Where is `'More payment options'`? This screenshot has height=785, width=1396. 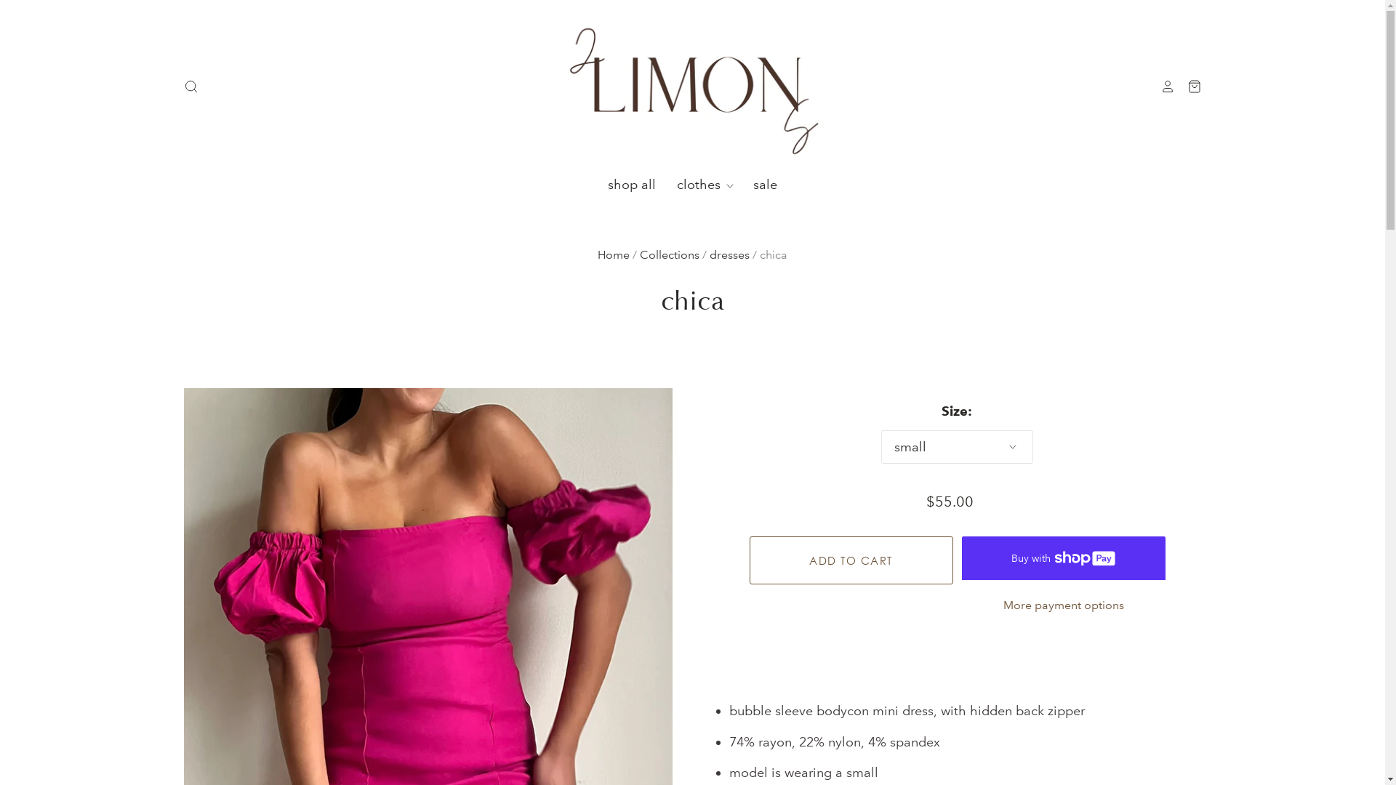
'More payment options' is located at coordinates (960, 605).